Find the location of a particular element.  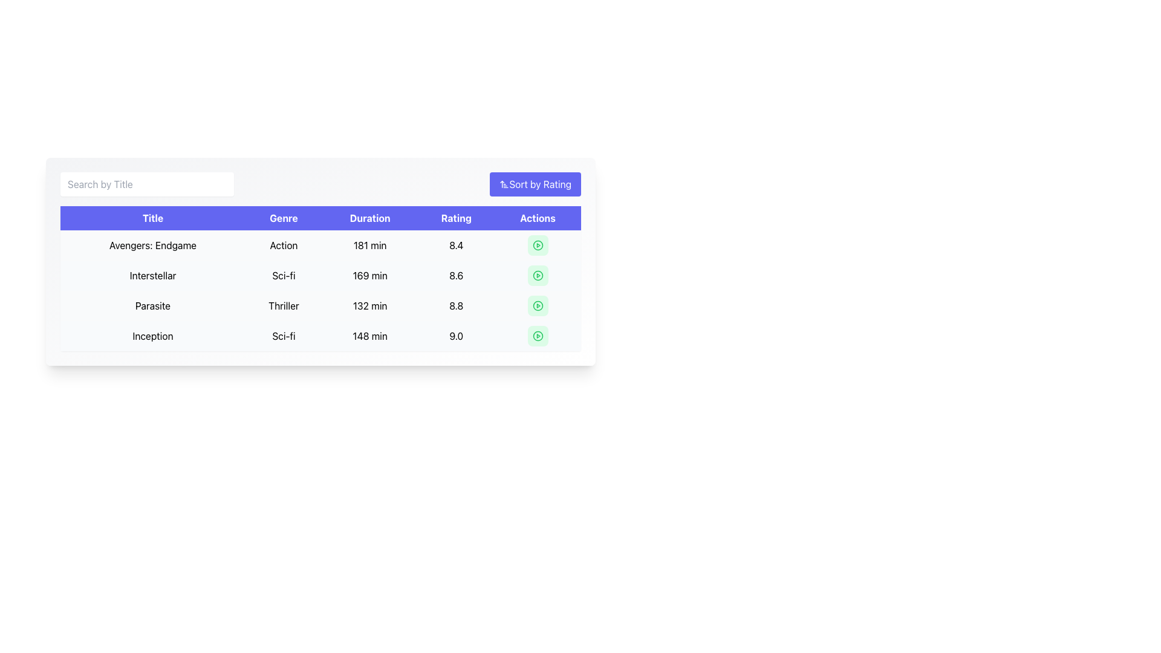

the Table Header element, which is the first item in the row with the text 'Title' in bold white font on a bright purple background is located at coordinates (152, 218).